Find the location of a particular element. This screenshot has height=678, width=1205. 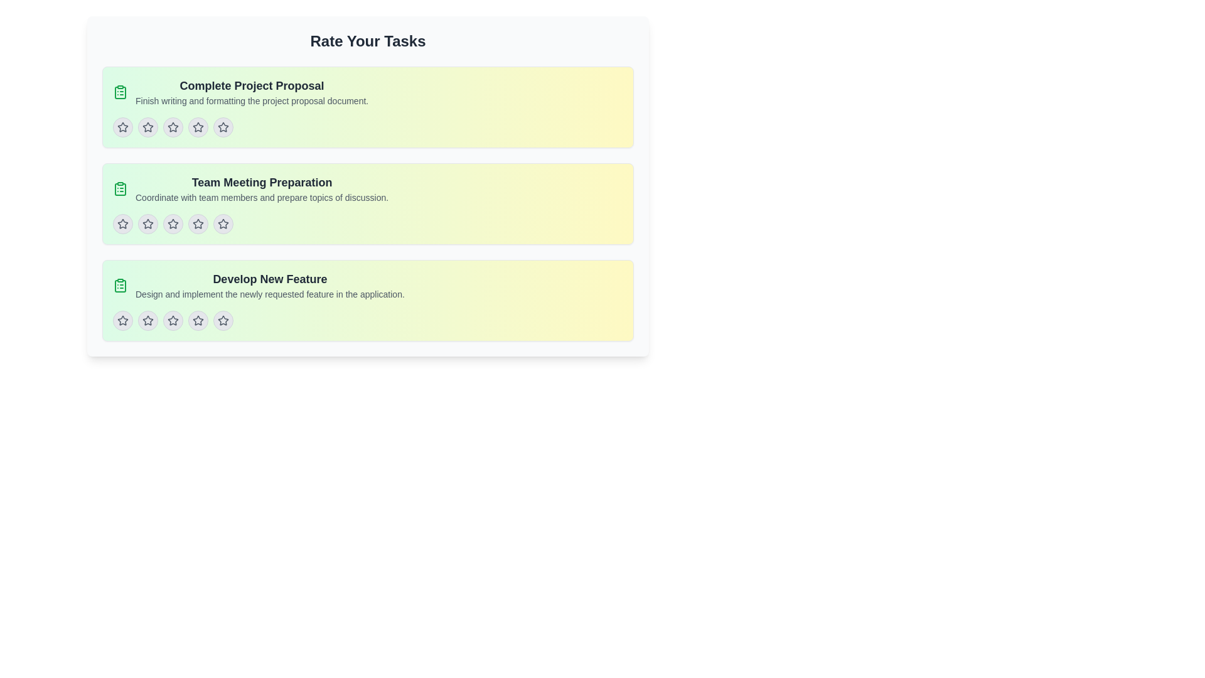

the fourth star-shaped rating icon is located at coordinates (198, 320).